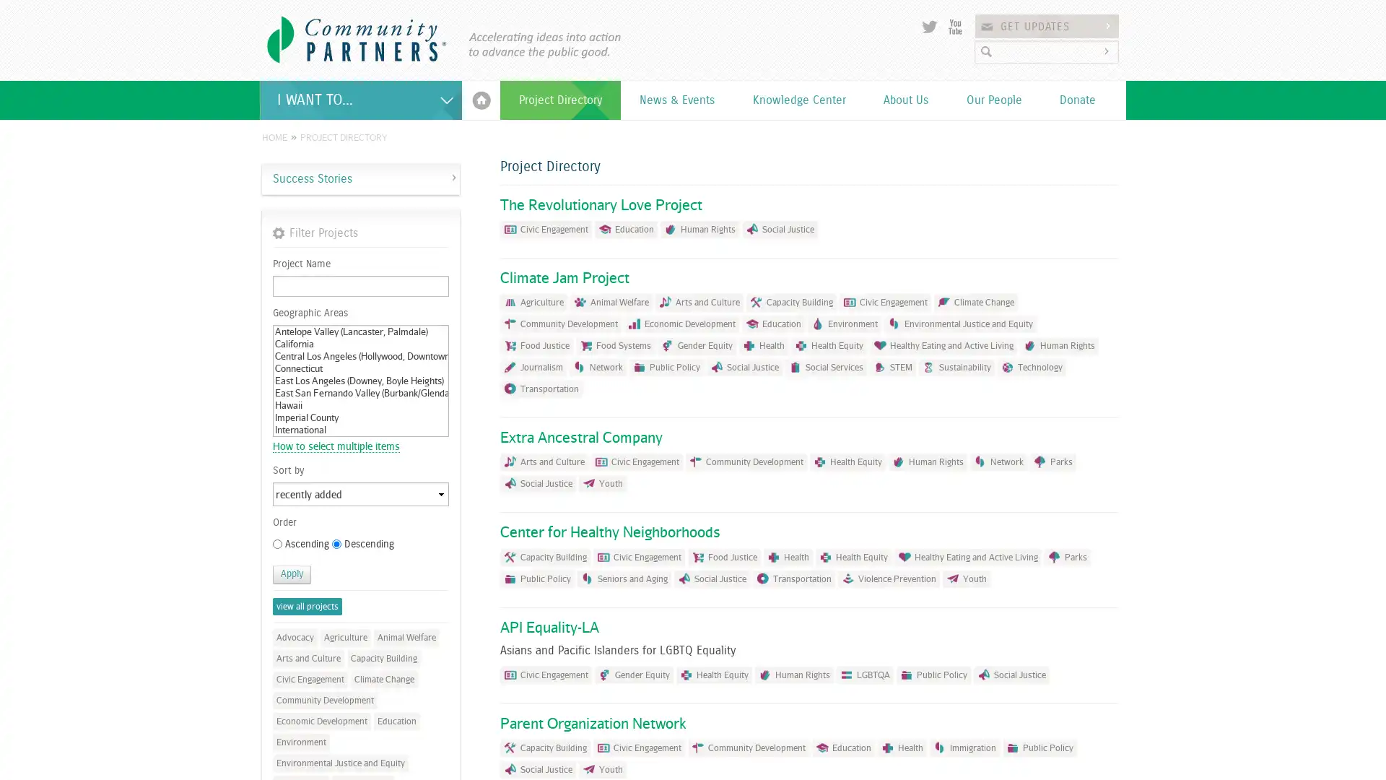 Image resolution: width=1386 pixels, height=780 pixels. I want to click on Search, so click(1108, 51).